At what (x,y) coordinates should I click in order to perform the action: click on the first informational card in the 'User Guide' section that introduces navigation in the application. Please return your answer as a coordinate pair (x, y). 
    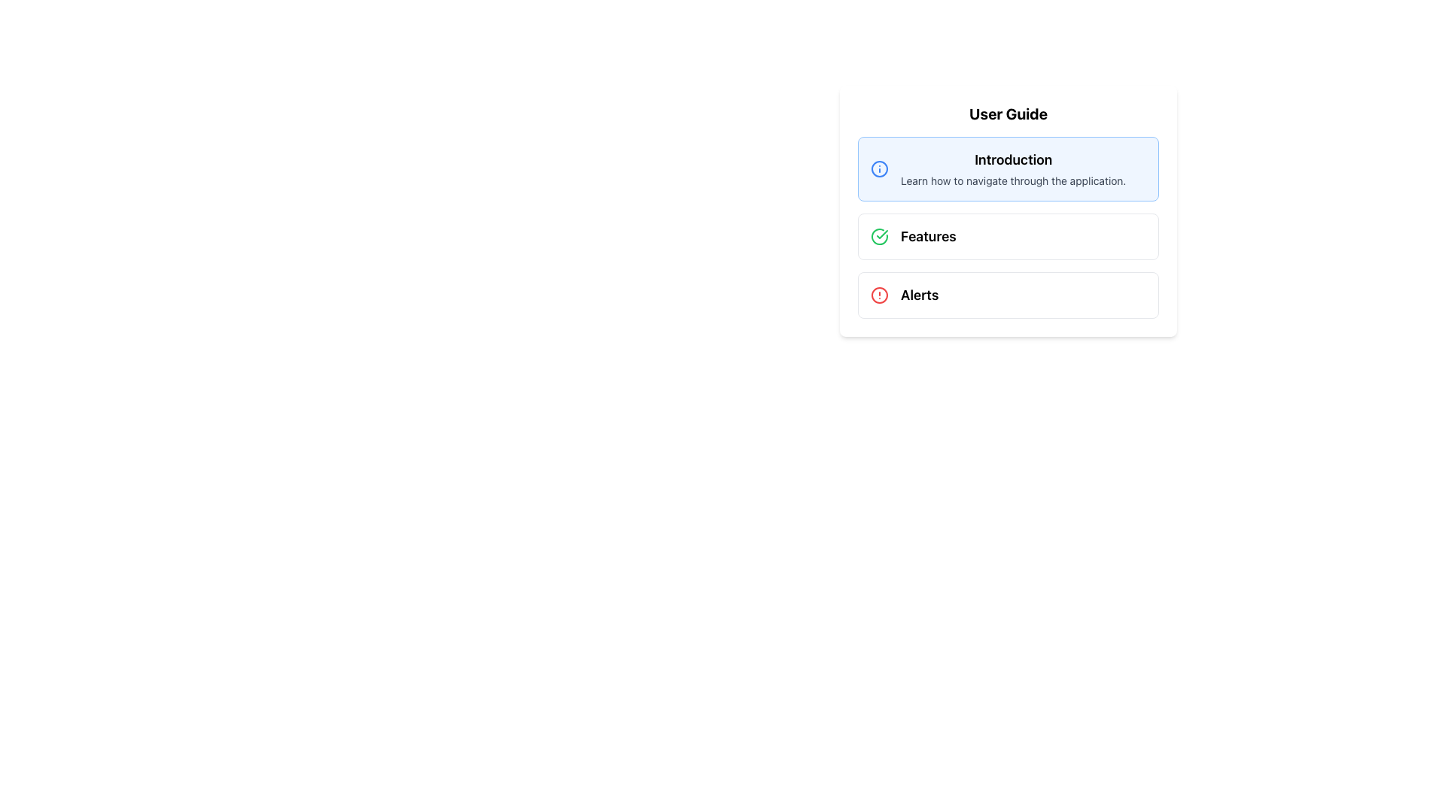
    Looking at the image, I should click on (1008, 168).